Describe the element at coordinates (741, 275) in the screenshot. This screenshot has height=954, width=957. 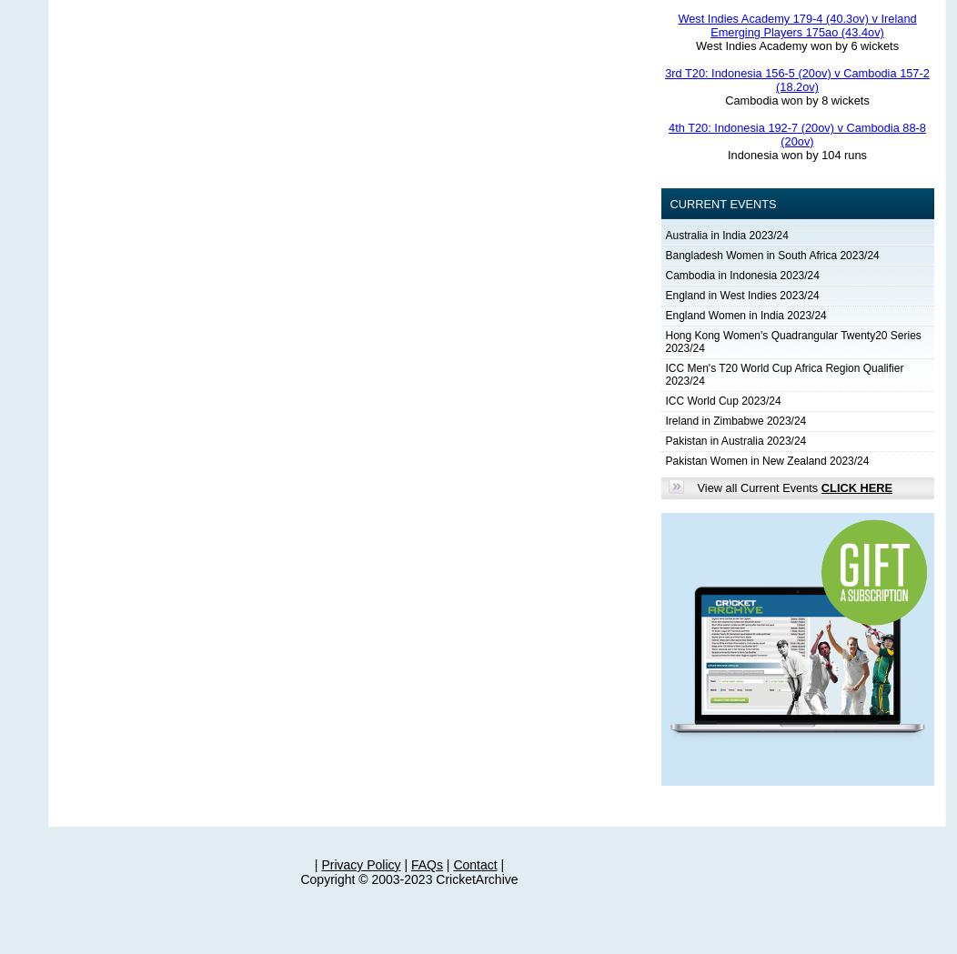
I see `'Cambodia in Indonesia 2023/24'` at that location.